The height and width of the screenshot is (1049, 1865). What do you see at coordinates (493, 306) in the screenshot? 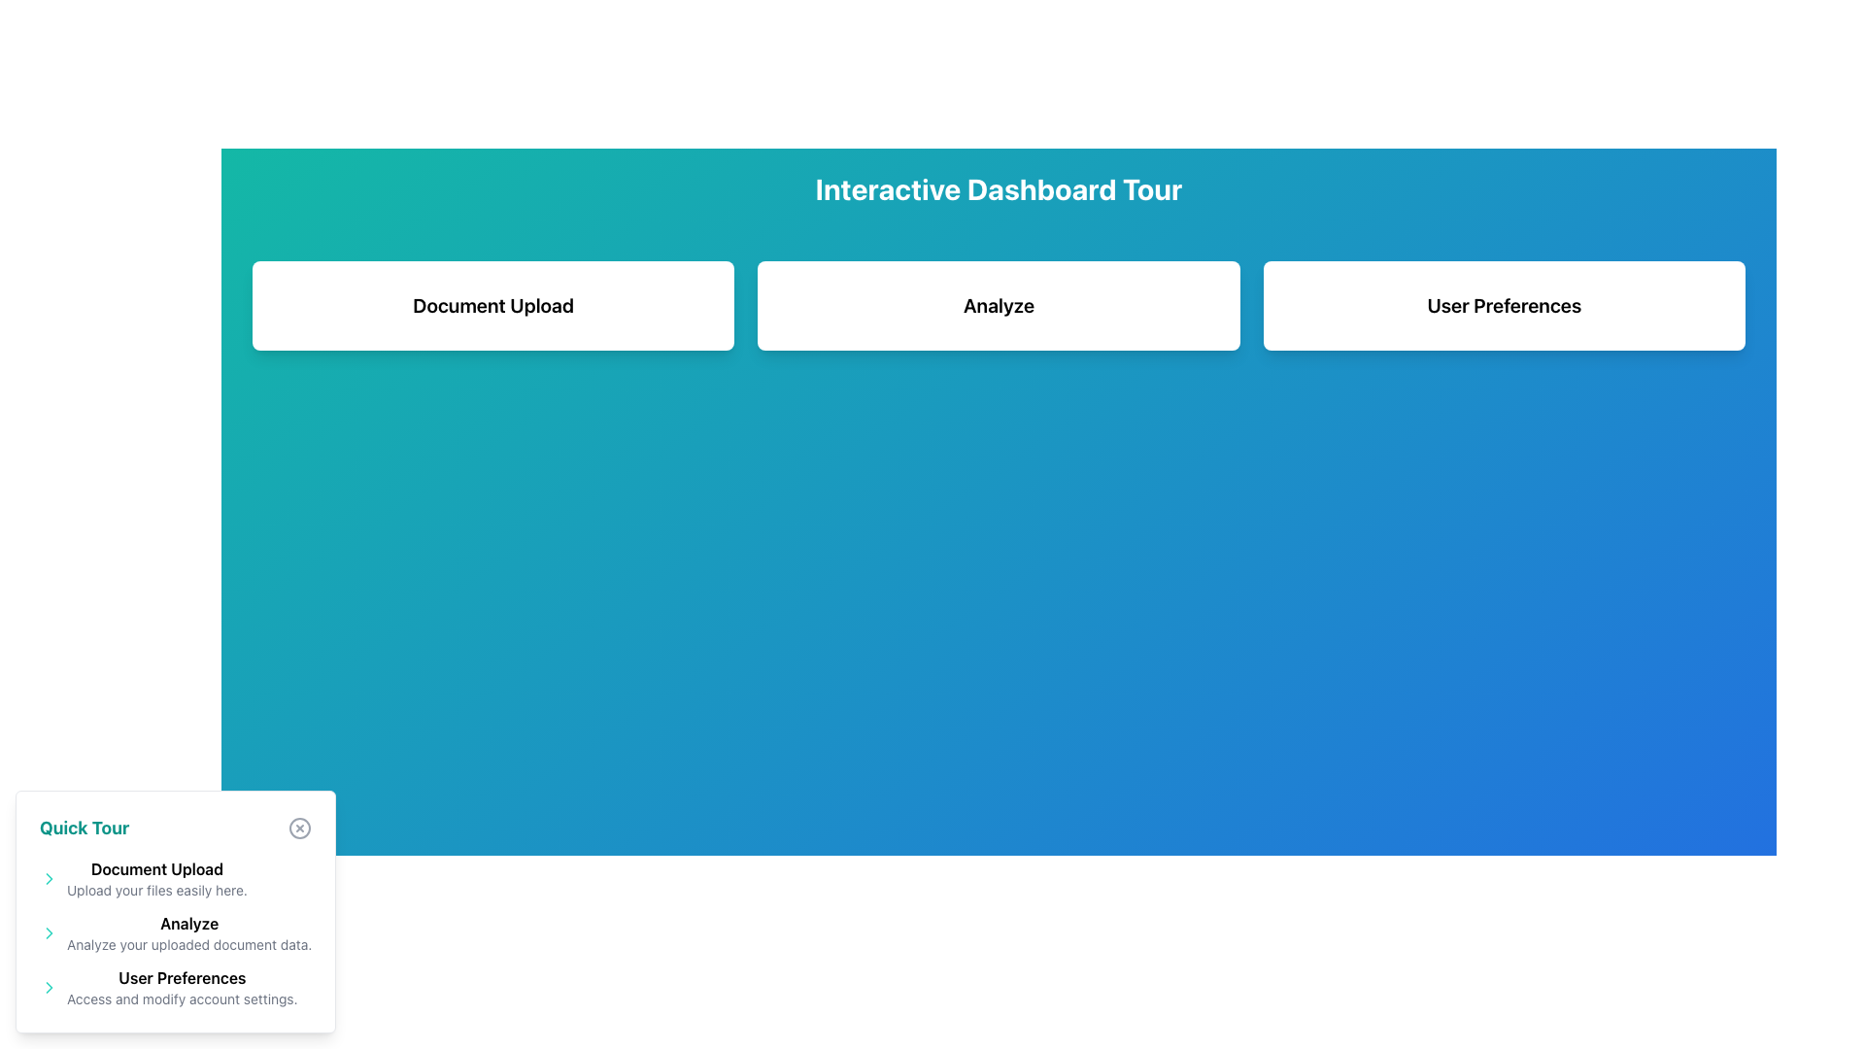
I see `the leftmost static card in the row, which indicates document upload actions` at bounding box center [493, 306].